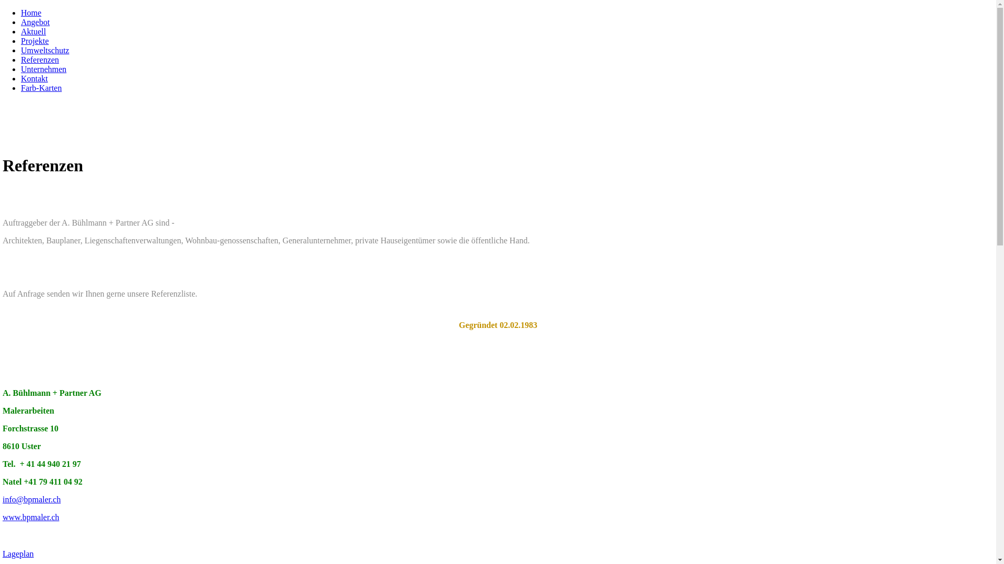  I want to click on 'Farb-Karten', so click(41, 87).